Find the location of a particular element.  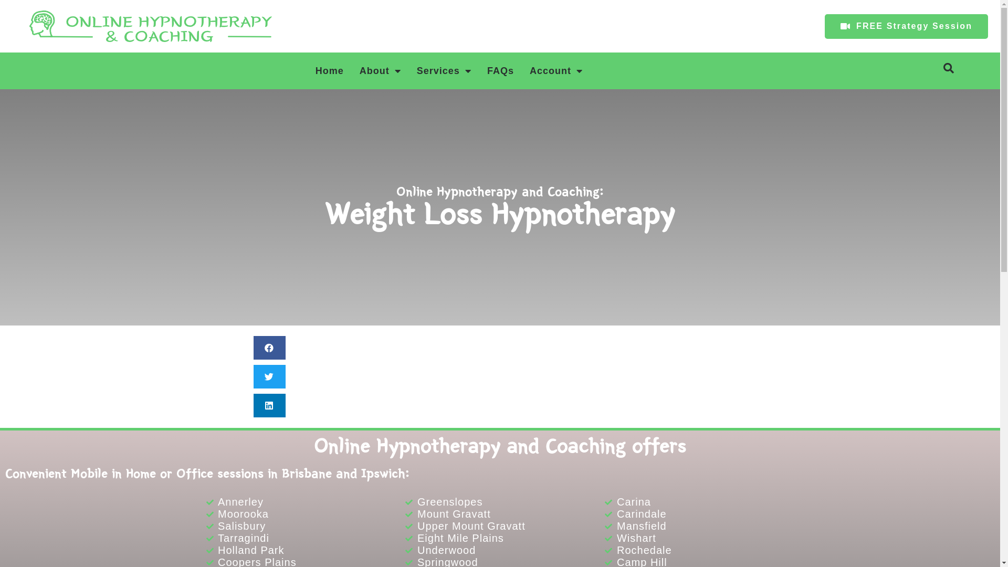

'Services' is located at coordinates (408, 71).